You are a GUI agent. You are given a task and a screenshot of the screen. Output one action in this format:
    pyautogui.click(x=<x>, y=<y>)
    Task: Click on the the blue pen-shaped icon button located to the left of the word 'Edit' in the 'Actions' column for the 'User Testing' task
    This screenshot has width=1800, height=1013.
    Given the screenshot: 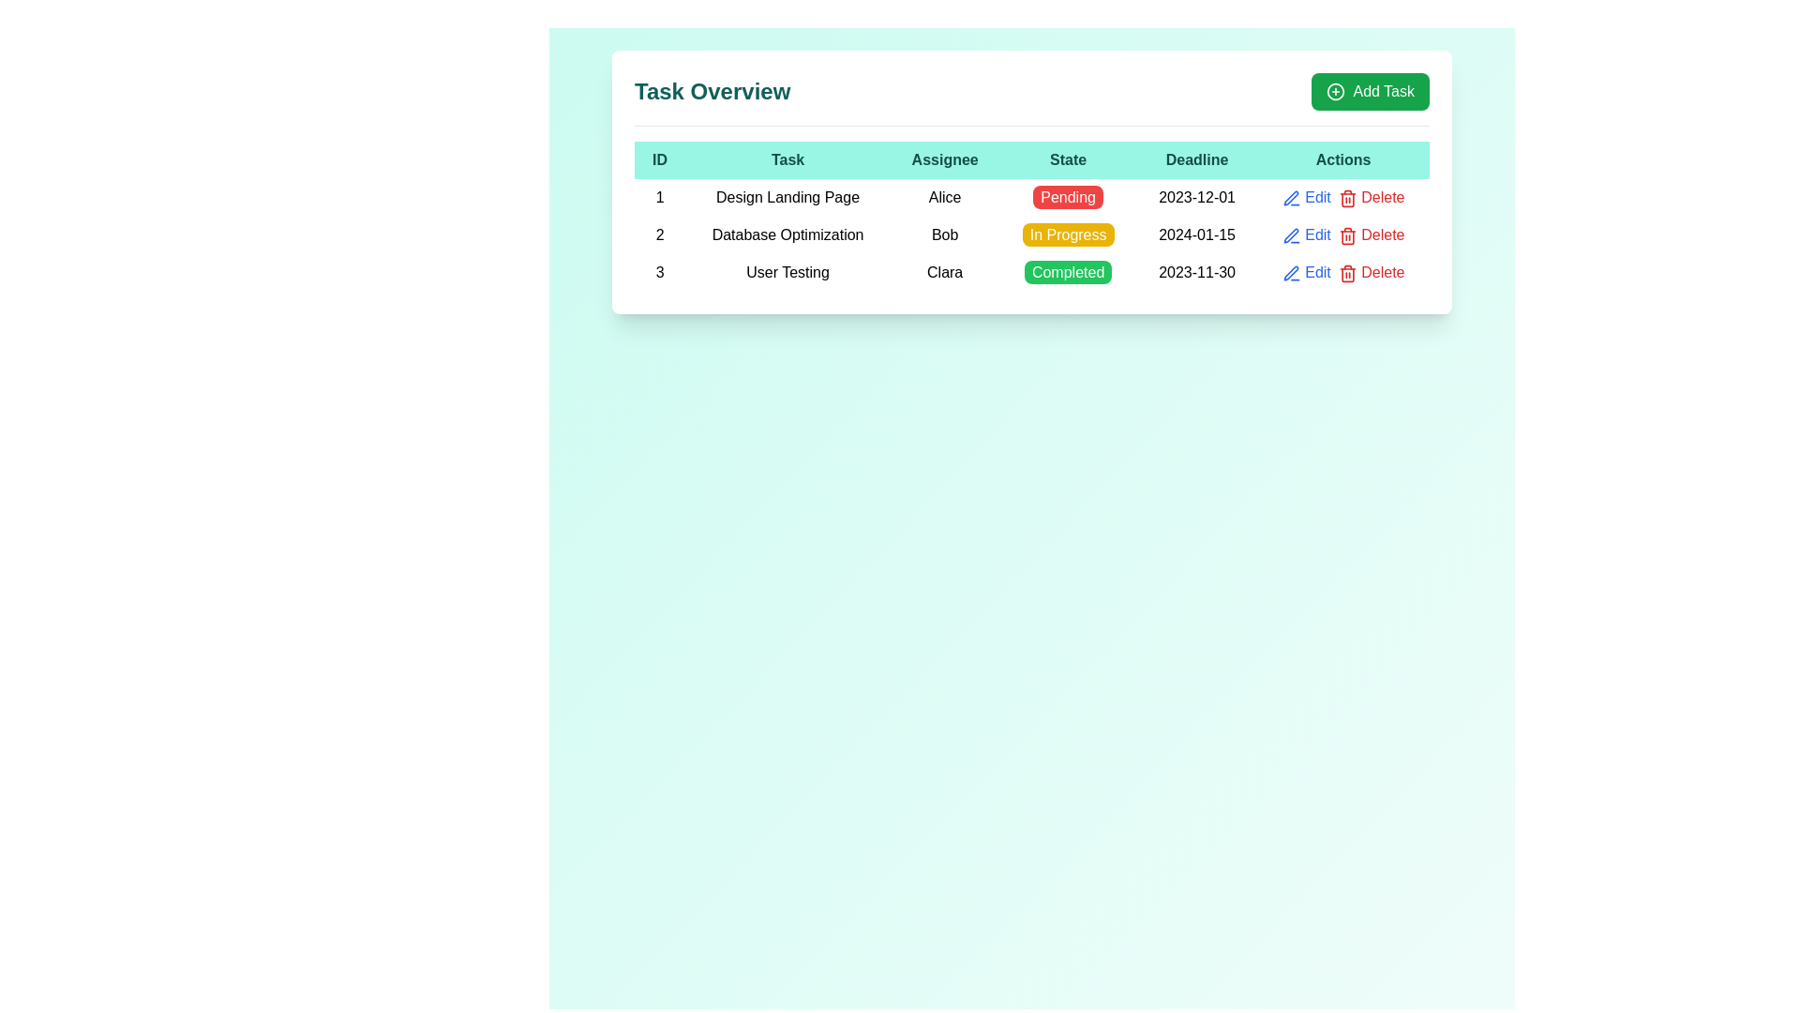 What is the action you would take?
    pyautogui.click(x=1290, y=273)
    